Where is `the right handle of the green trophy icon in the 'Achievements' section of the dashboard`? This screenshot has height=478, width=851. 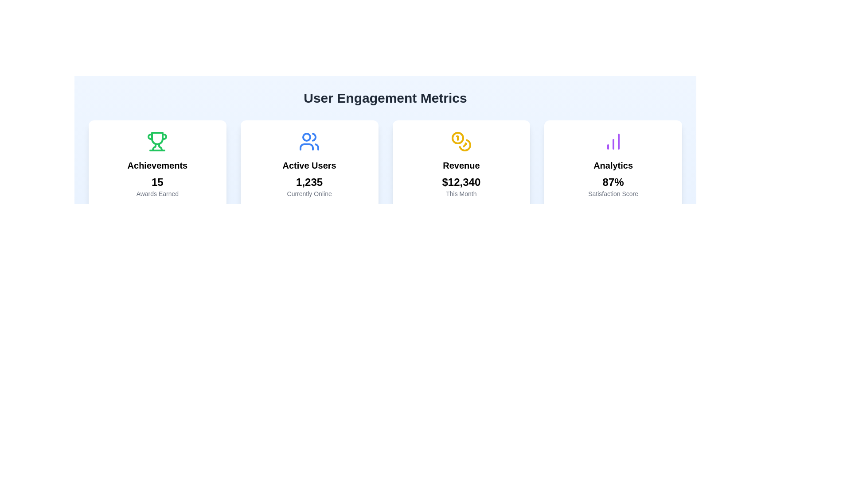 the right handle of the green trophy icon in the 'Achievements' section of the dashboard is located at coordinates (164, 136).